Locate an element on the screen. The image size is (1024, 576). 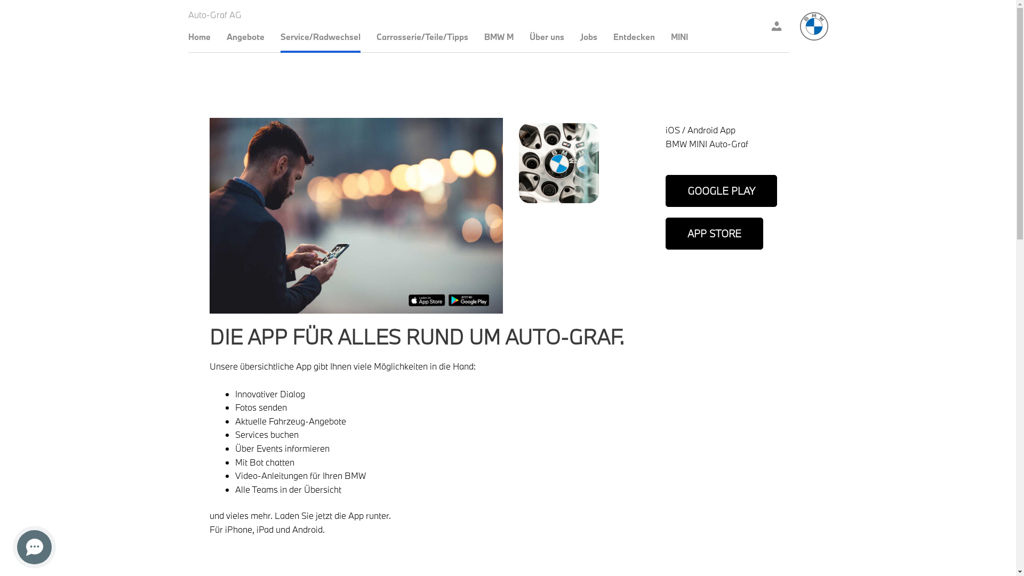
'Shopping Tool' is located at coordinates (776, 26).